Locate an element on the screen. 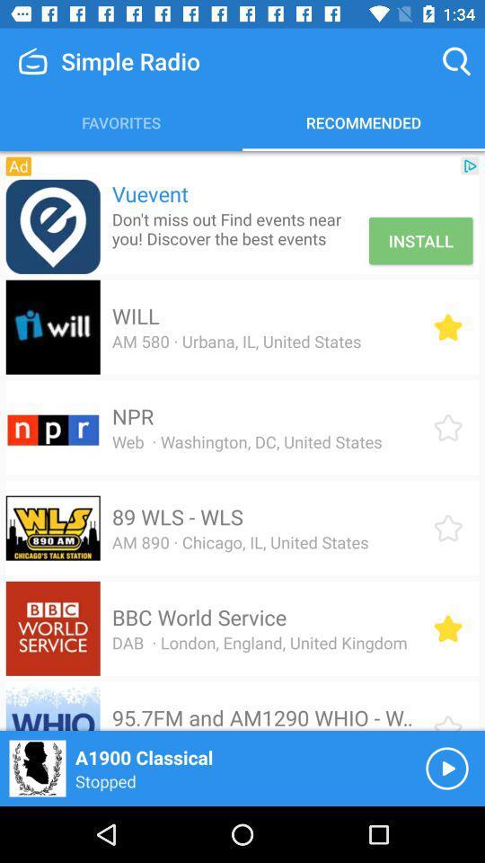 The image size is (485, 863). advertisement is located at coordinates (53, 226).